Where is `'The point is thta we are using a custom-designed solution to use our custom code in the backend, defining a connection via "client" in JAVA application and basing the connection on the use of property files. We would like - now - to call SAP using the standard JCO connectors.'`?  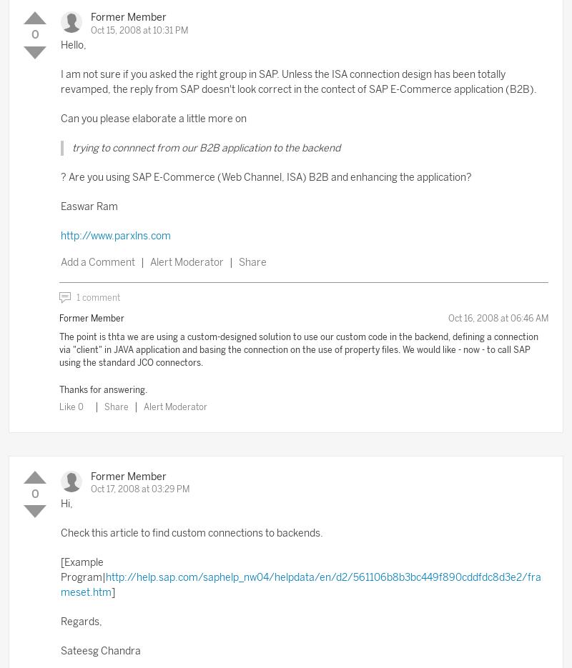 'The point is thta we are using a custom-designed solution to use our custom code in the backend, defining a connection via "client" in JAVA application and basing the connection on the use of property files. We would like - now - to call SAP using the standard JCO connectors.' is located at coordinates (299, 350).